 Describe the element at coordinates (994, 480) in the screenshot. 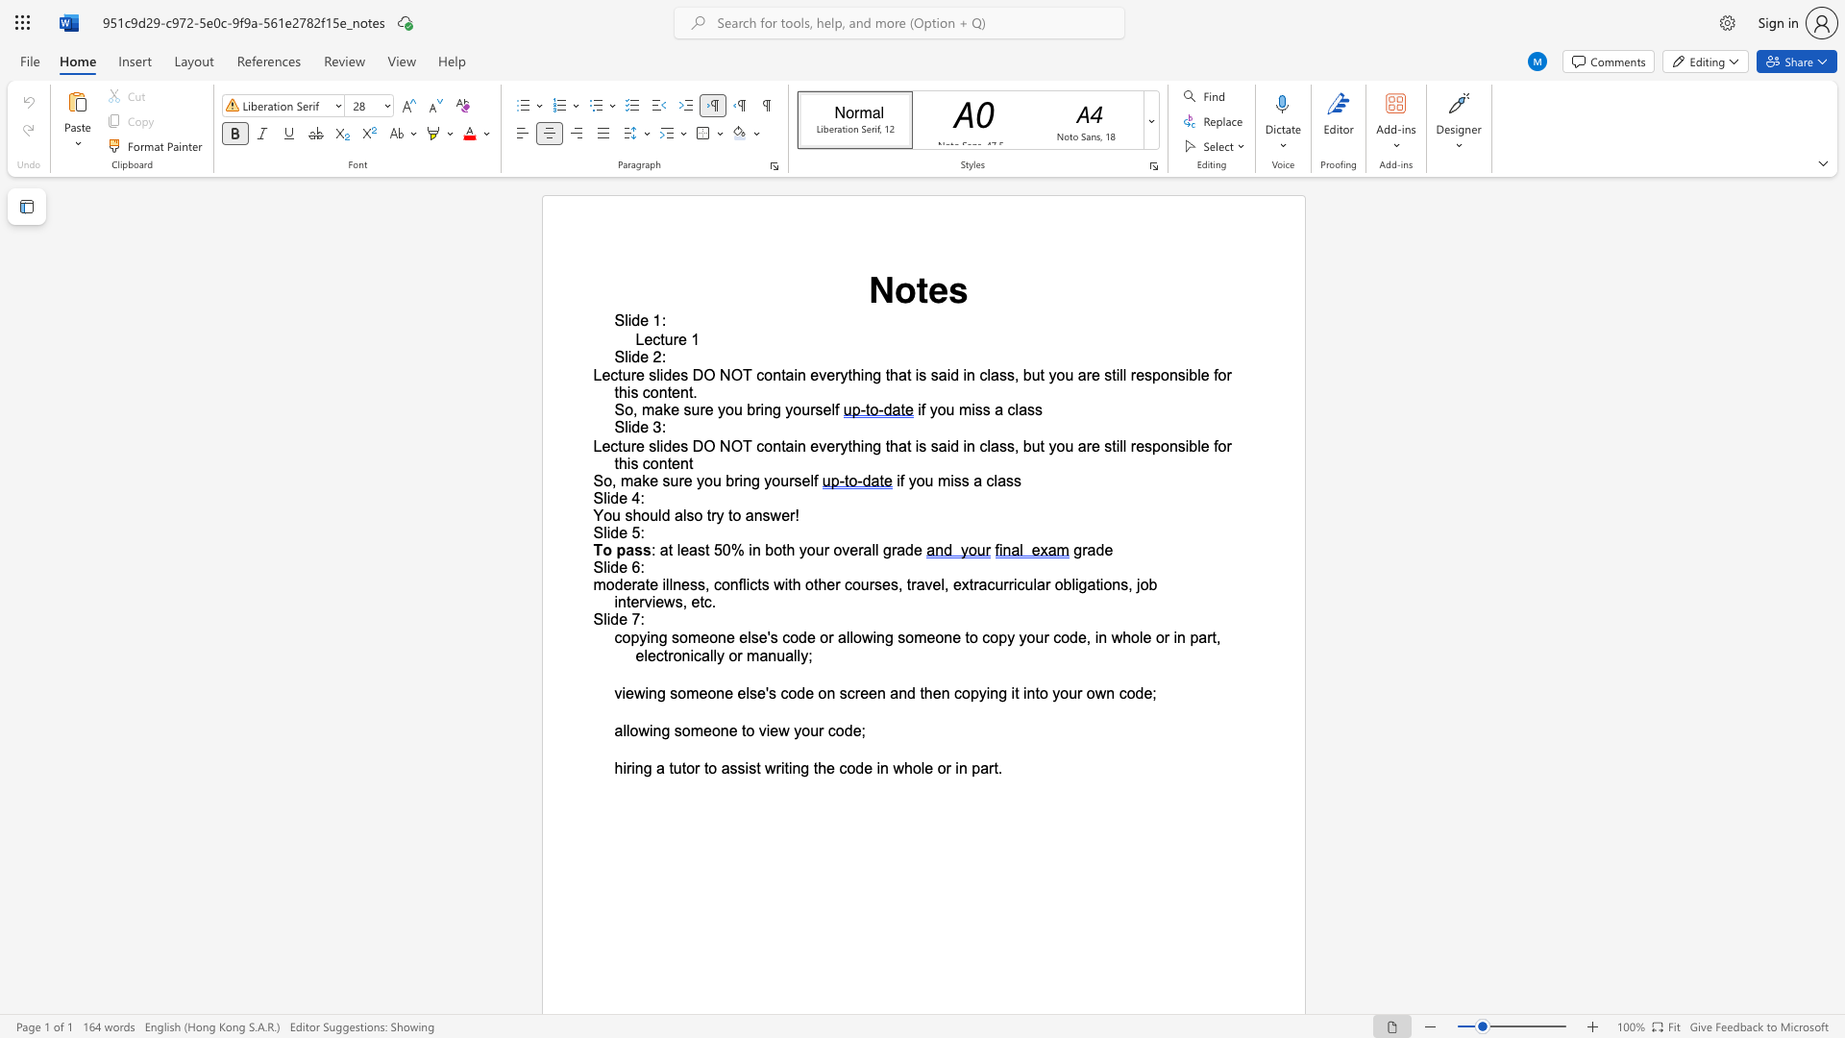

I see `the subset text "lass" within the text "if you miss a class"` at that location.